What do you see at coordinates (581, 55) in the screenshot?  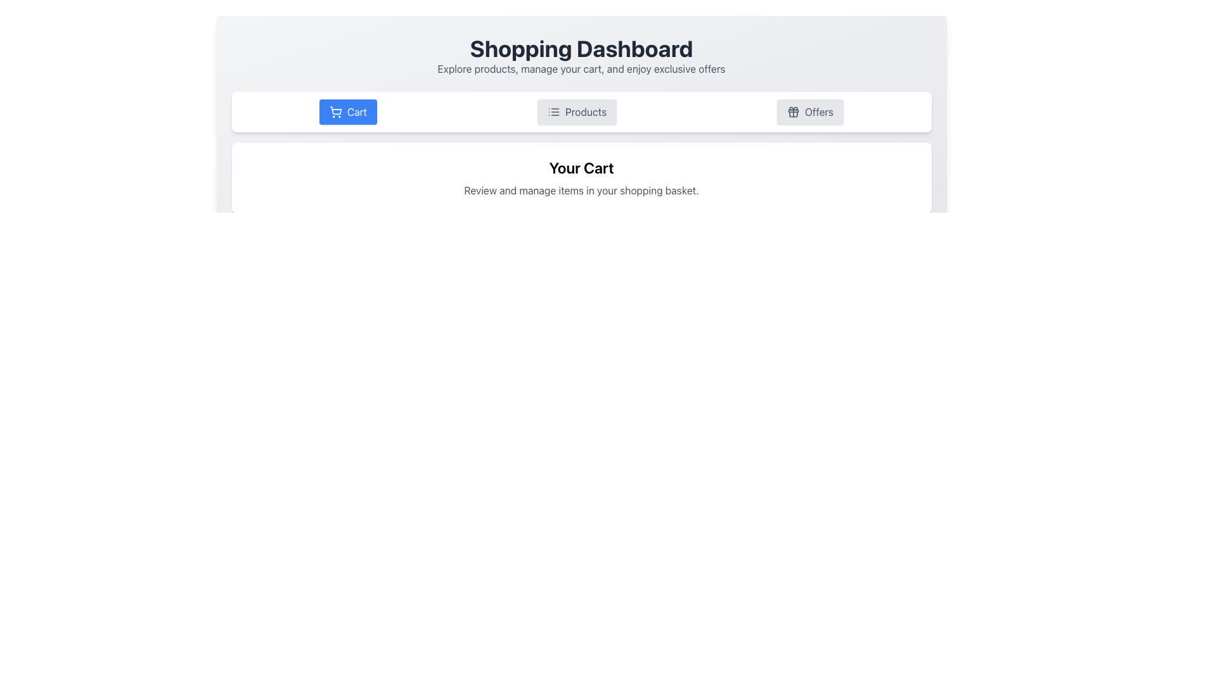 I see `the text block header that prominently states 'Shopping Dashboard' with subtext 'Explore products, manage your cart, and enjoy exclusive offers.'` at bounding box center [581, 55].